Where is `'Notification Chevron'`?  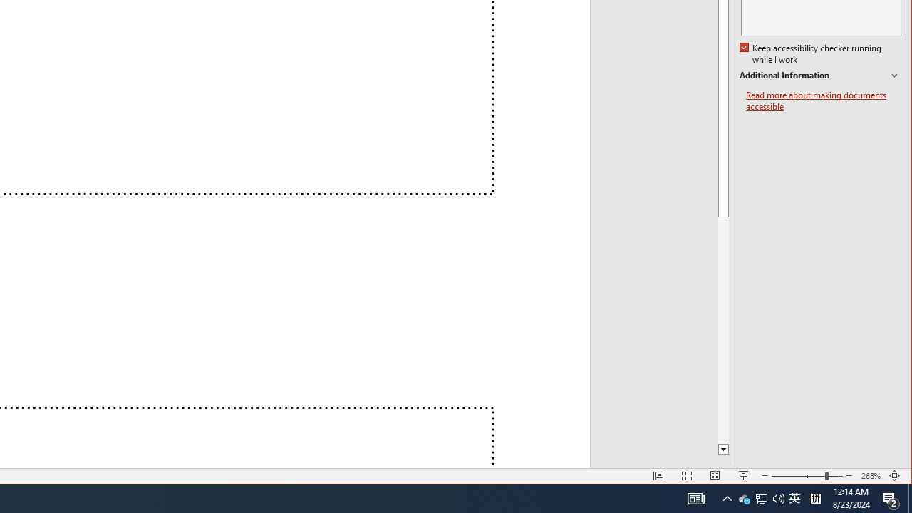 'Notification Chevron' is located at coordinates (696, 497).